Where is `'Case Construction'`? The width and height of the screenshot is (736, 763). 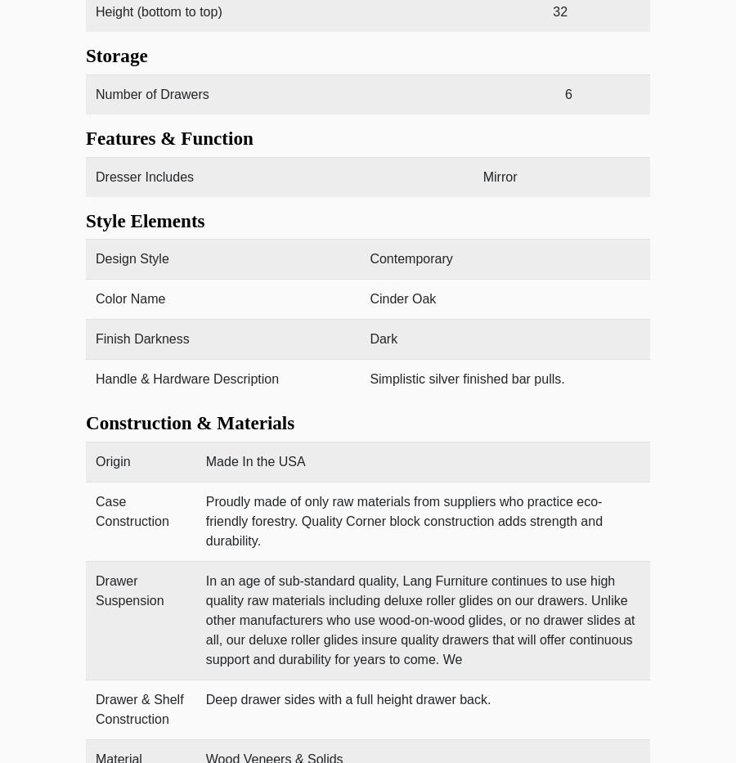 'Case Construction' is located at coordinates (132, 510).